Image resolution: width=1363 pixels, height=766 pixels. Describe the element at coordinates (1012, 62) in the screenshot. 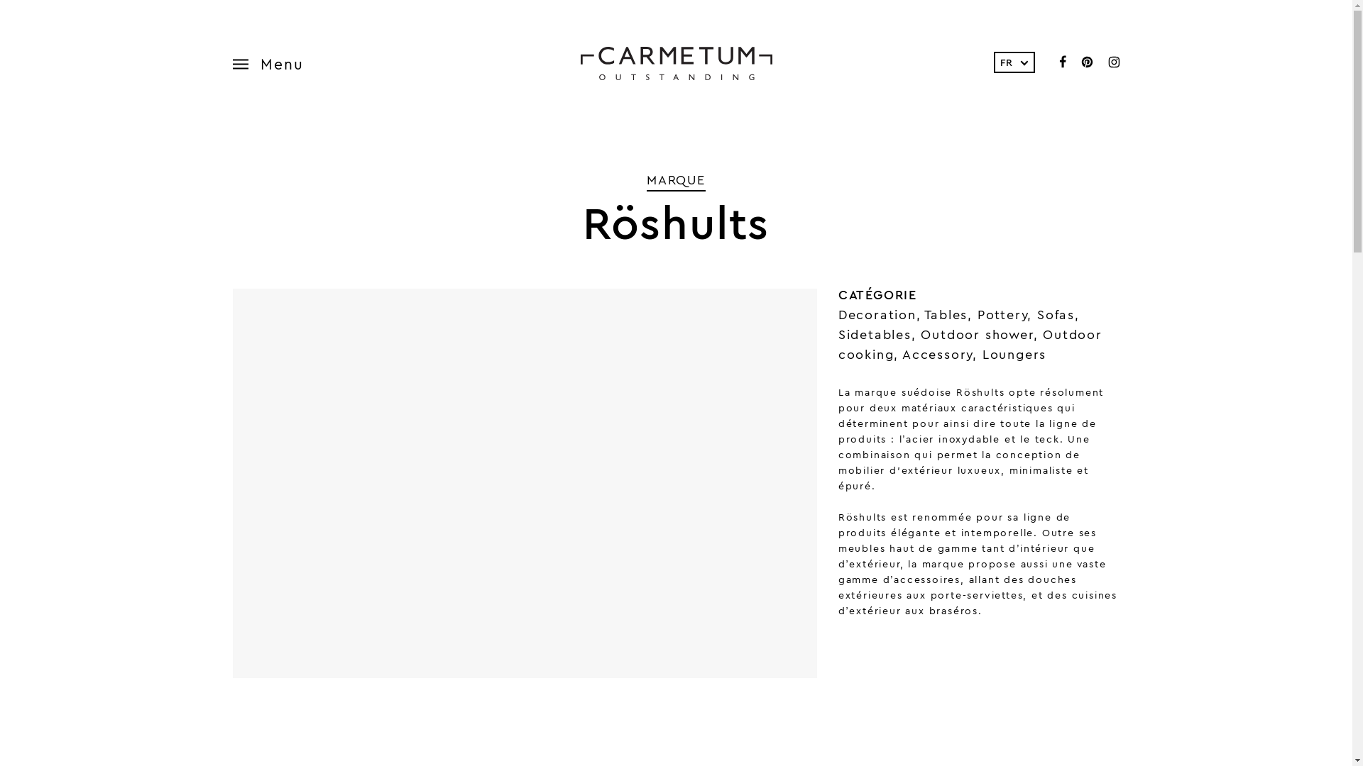

I see `'FR'` at that location.